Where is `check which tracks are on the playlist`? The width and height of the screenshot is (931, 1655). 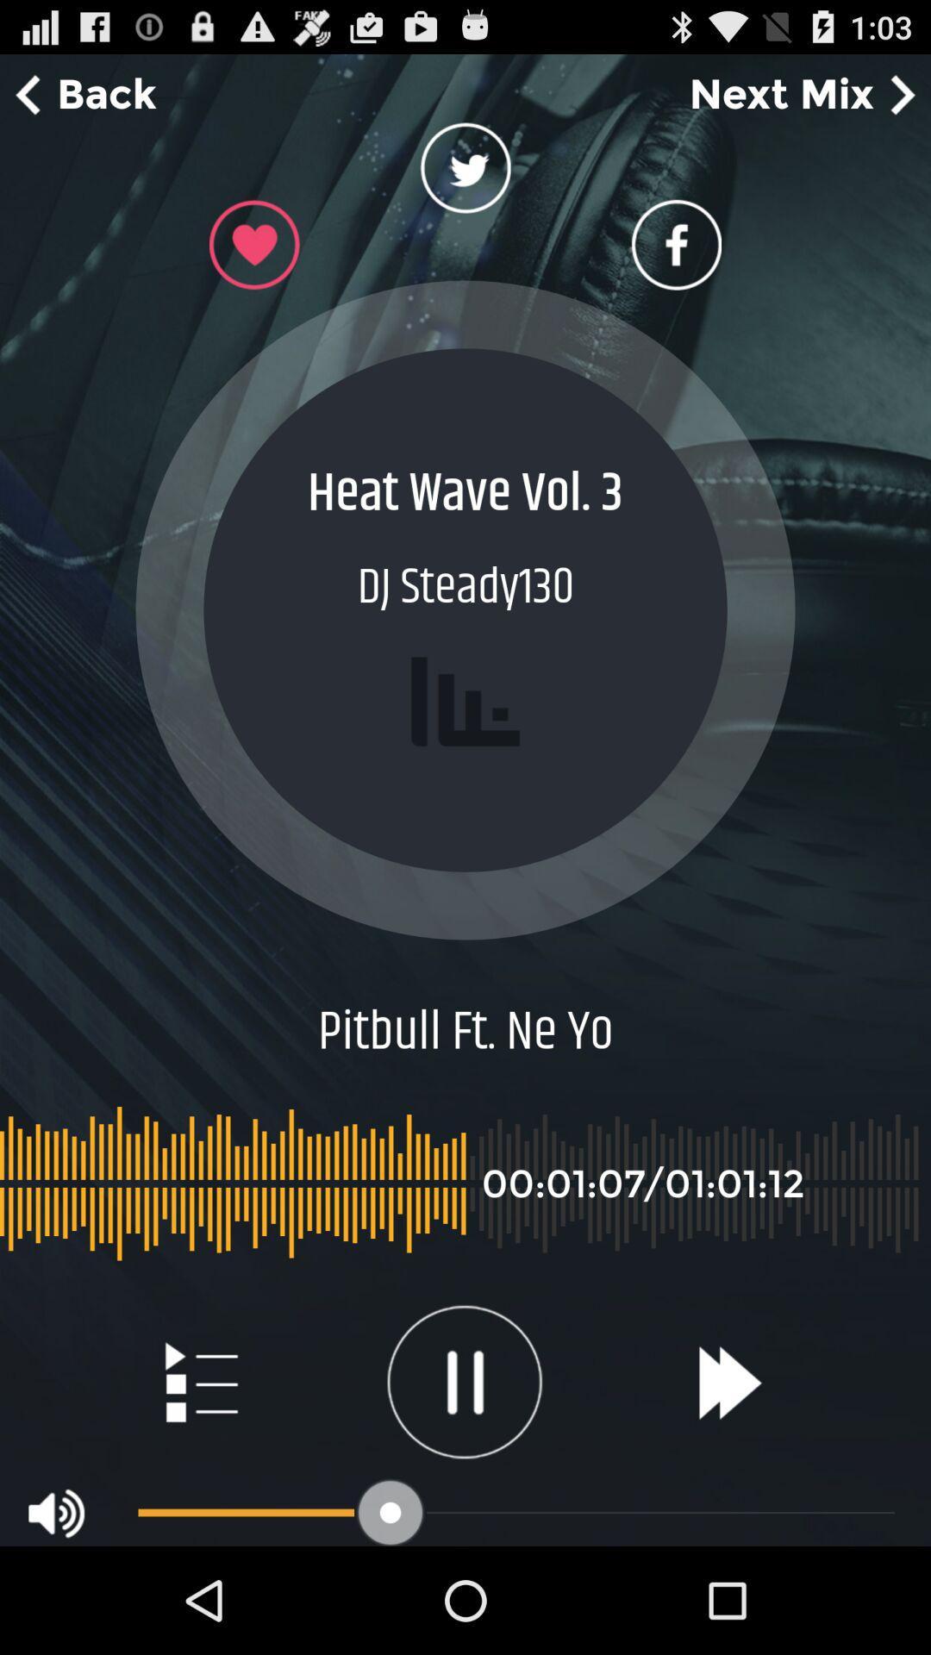 check which tracks are on the playlist is located at coordinates (199, 1382).